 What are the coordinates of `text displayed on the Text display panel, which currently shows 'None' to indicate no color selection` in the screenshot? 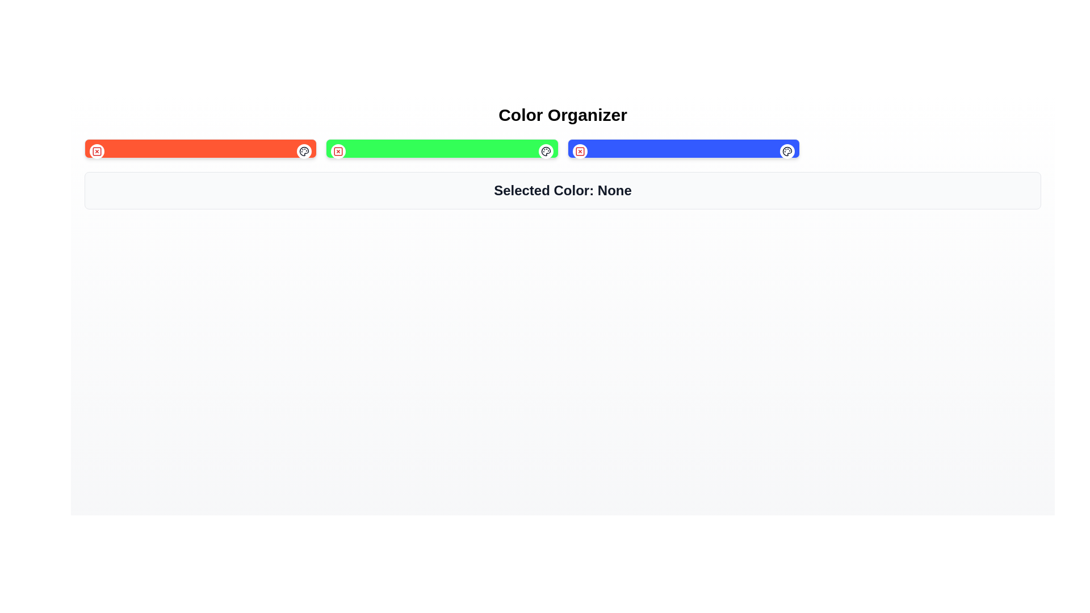 It's located at (563, 190).